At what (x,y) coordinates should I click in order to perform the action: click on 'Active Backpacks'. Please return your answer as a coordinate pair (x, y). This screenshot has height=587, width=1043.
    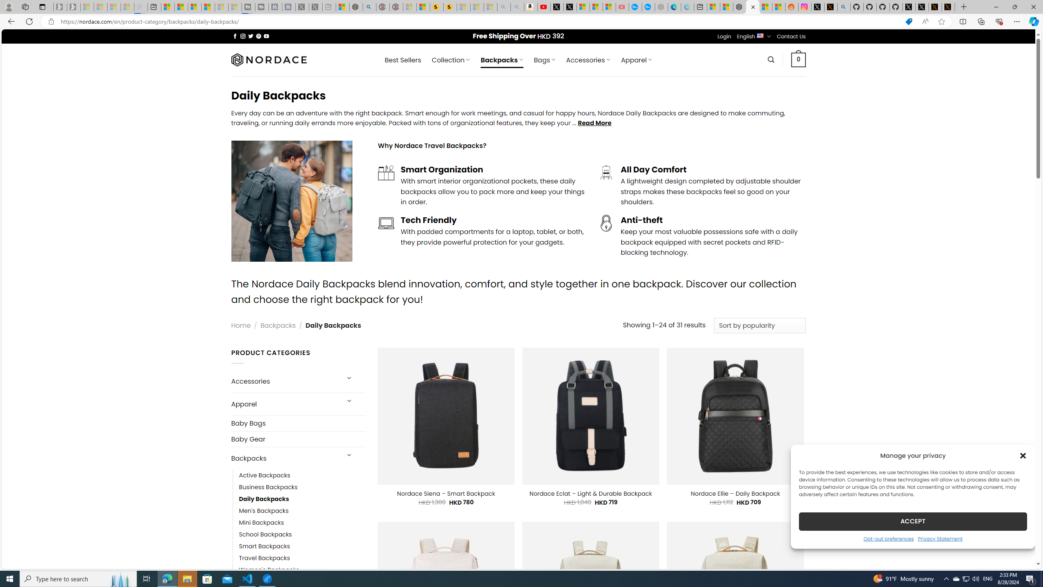
    Looking at the image, I should click on (302, 476).